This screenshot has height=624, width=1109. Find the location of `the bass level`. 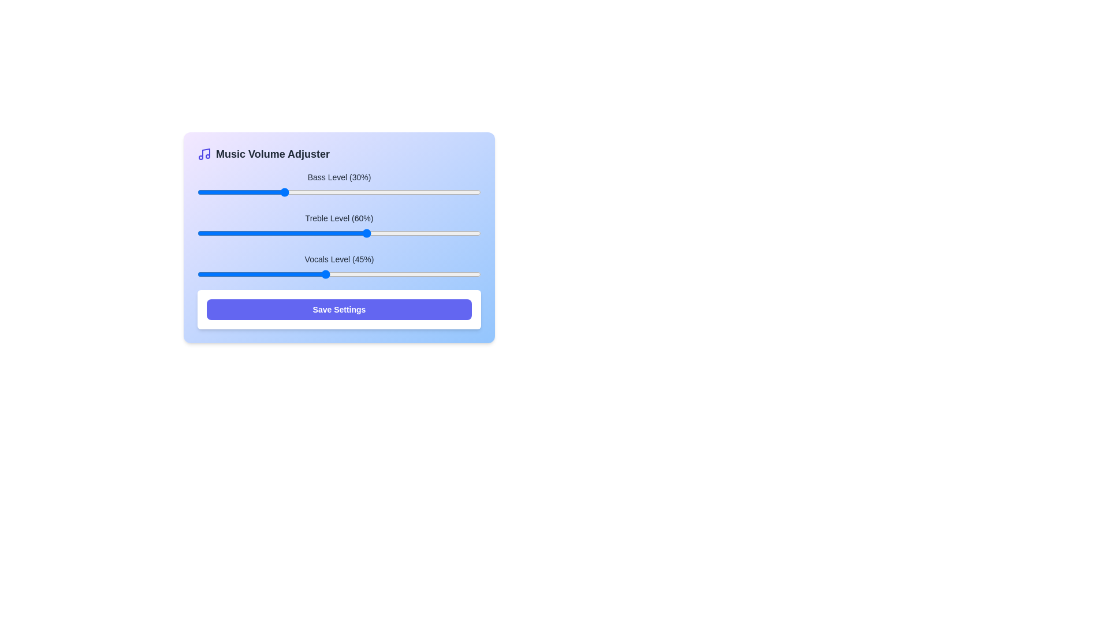

the bass level is located at coordinates (444, 191).